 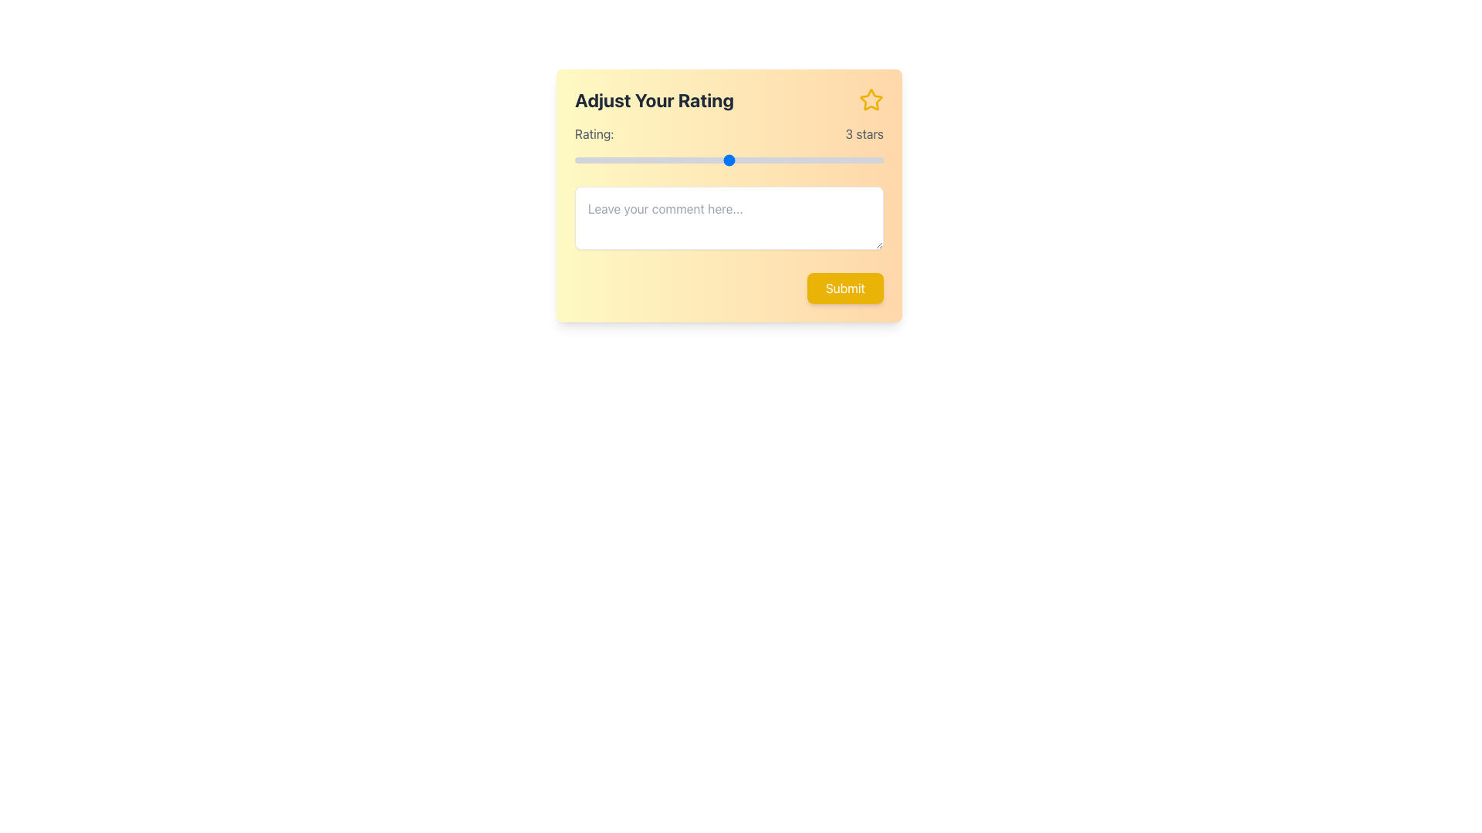 I want to click on the text label displaying 'Adjust Your Rating' which is bolded and styled in a large font on a light yellow background, so click(x=655, y=100).